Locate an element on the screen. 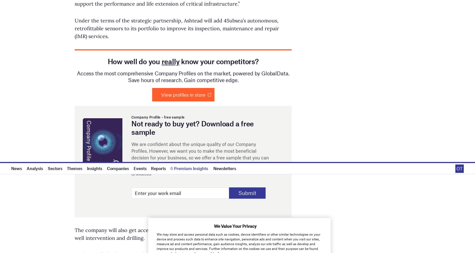 The width and height of the screenshot is (475, 253). 'Terms and conditions' is located at coordinates (358, 12).